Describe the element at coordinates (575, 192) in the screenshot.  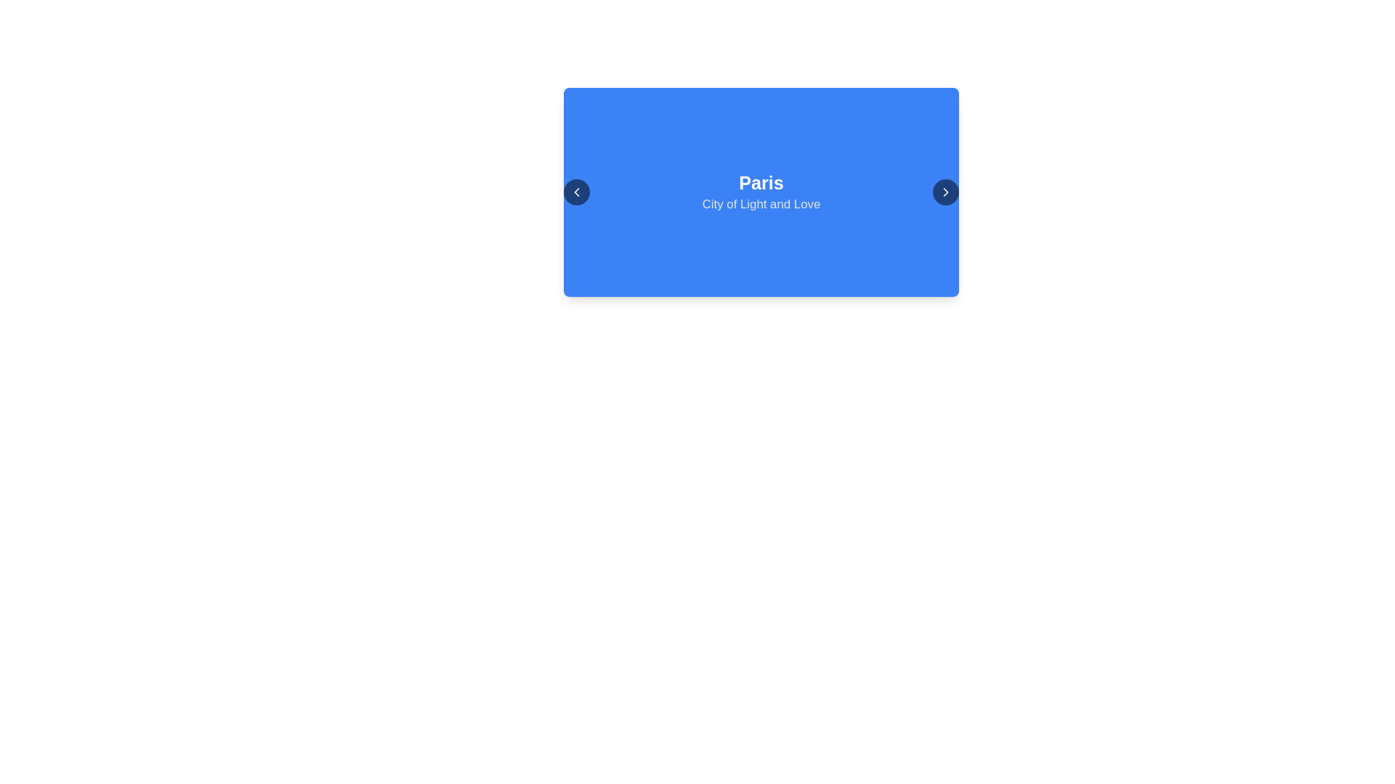
I see `the circular button with a dark background and a leftward chevron icon in white at its center` at that location.